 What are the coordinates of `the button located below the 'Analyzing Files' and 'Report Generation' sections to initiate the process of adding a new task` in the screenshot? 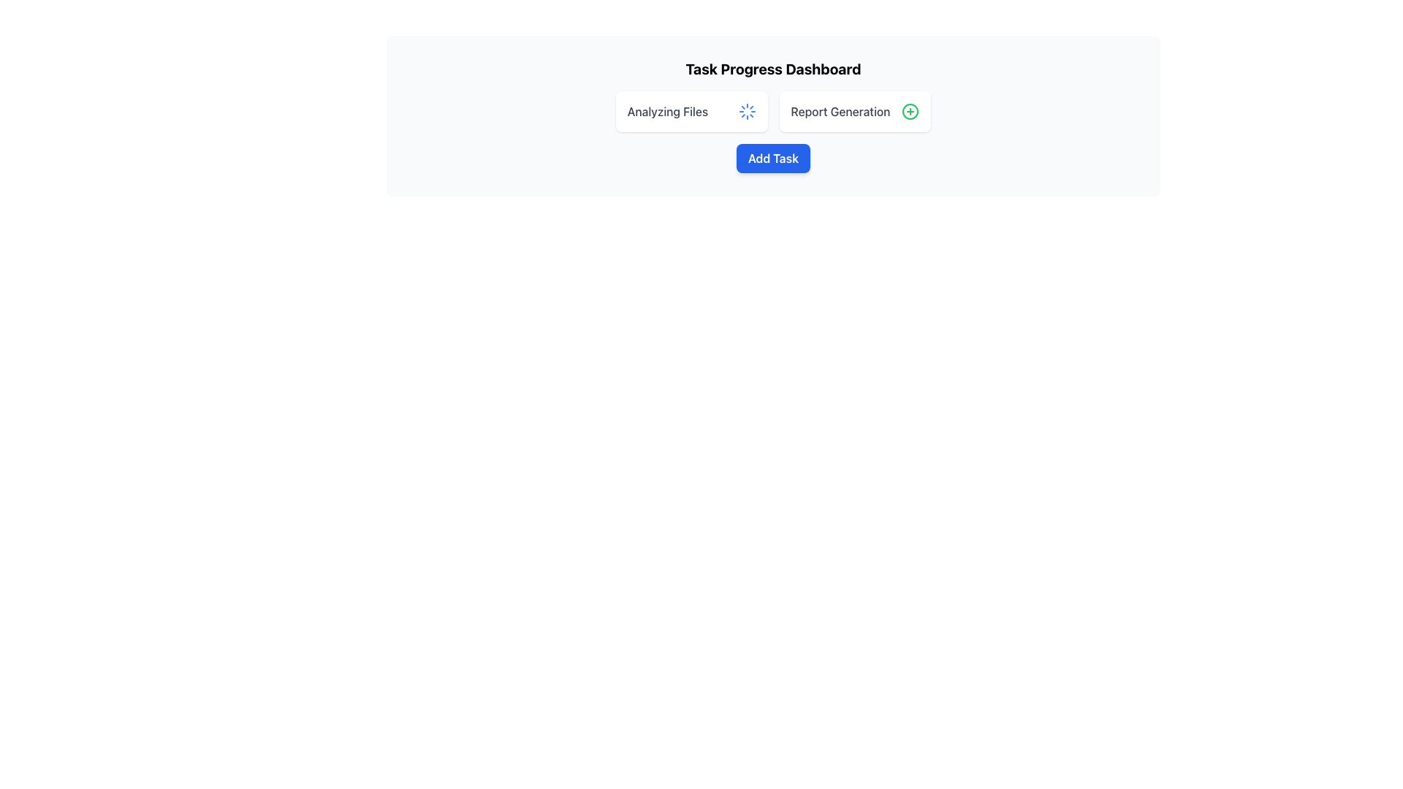 It's located at (772, 158).